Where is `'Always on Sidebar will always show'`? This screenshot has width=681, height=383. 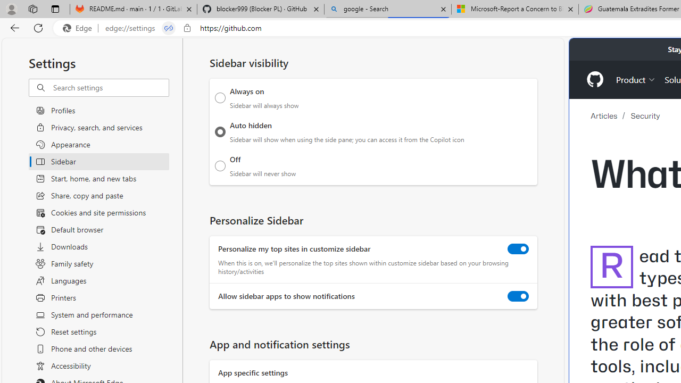 'Always on Sidebar will always show' is located at coordinates (220, 97).